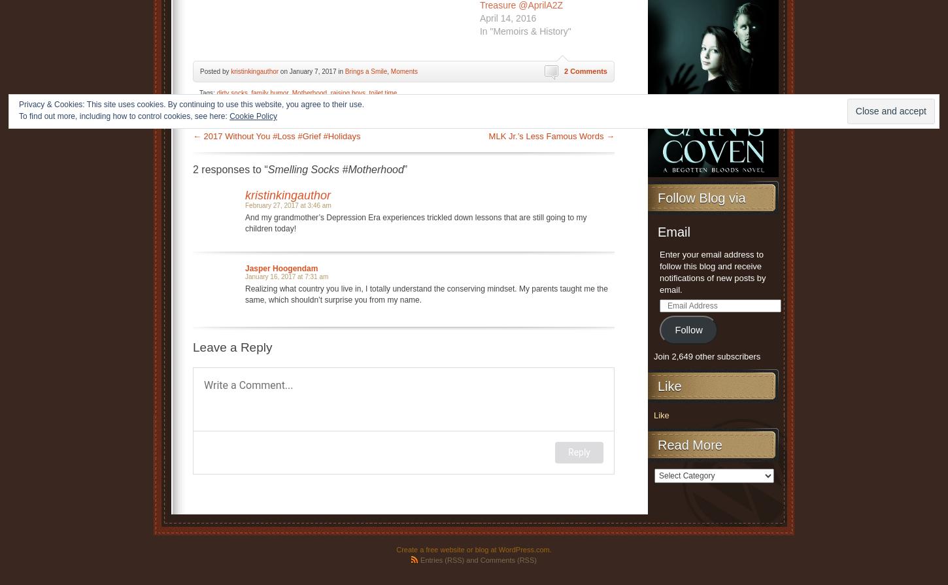 This screenshot has width=948, height=585. Describe the element at coordinates (702, 214) in the screenshot. I see `'Follow Blog via Email'` at that location.